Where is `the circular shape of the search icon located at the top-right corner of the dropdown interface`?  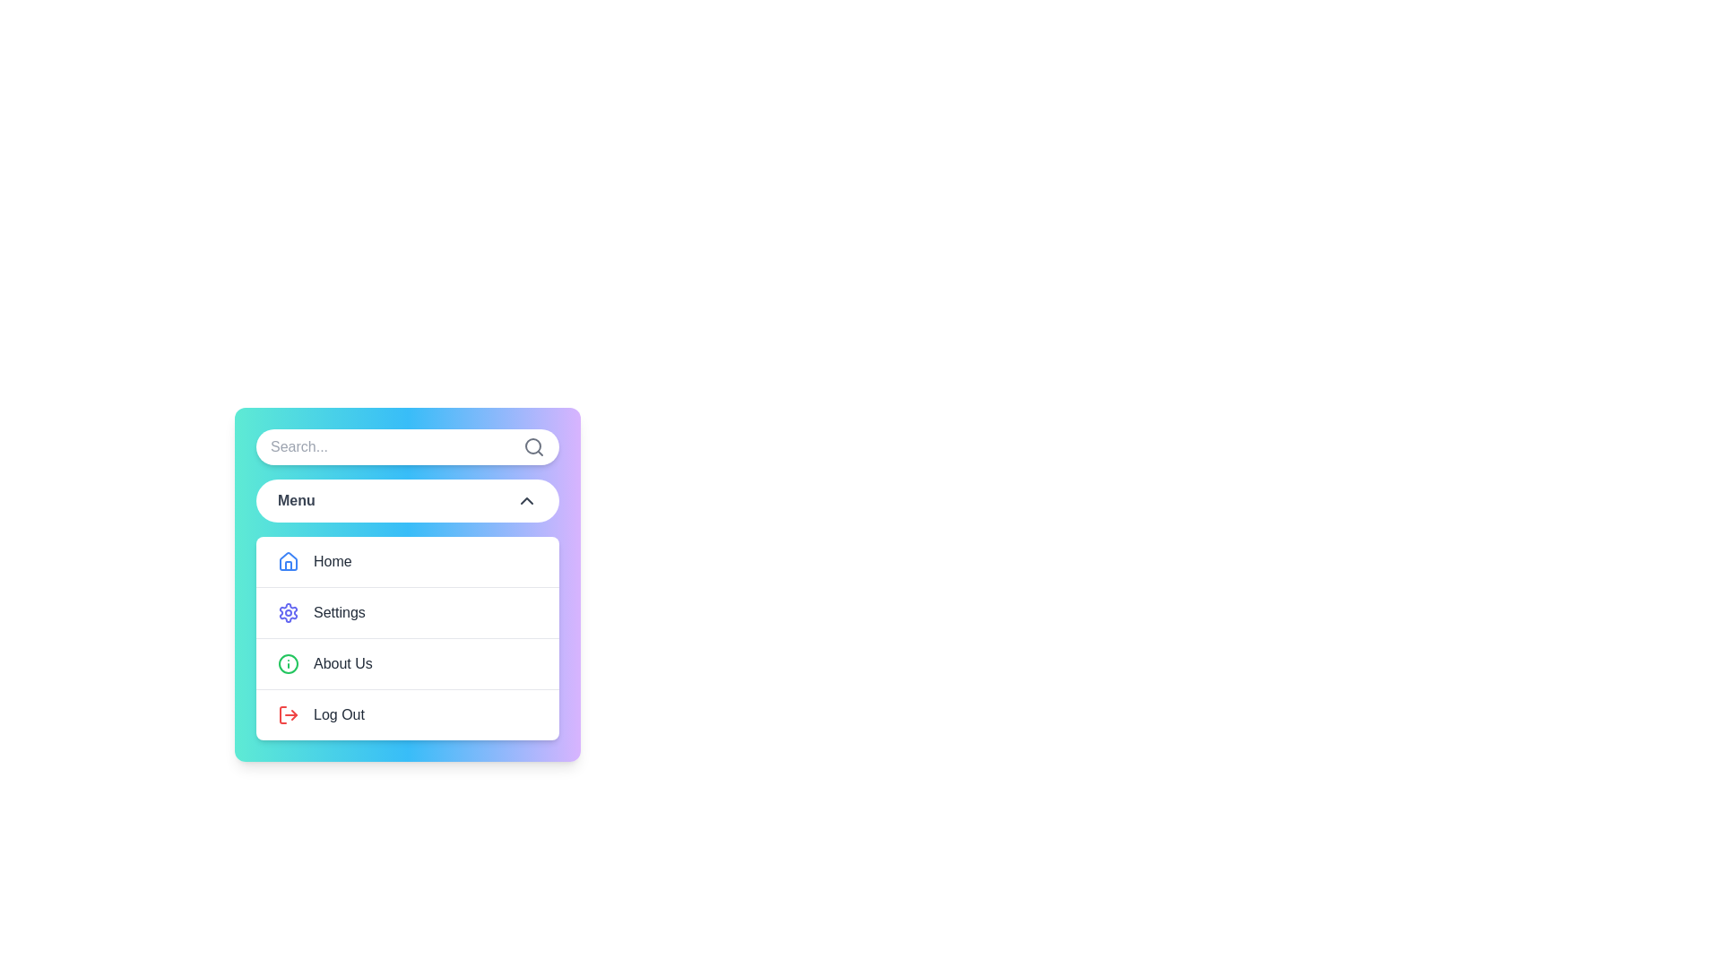 the circular shape of the search icon located at the top-right corner of the dropdown interface is located at coordinates (532, 445).